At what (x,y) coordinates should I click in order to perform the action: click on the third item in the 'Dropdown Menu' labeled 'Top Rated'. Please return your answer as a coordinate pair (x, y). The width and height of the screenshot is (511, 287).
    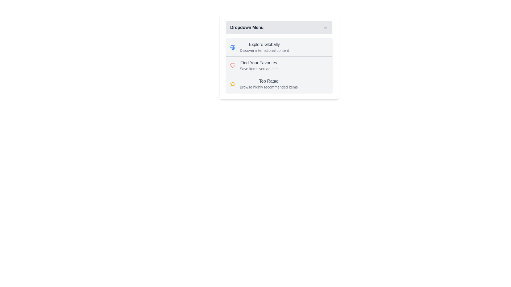
    Looking at the image, I should click on (279, 84).